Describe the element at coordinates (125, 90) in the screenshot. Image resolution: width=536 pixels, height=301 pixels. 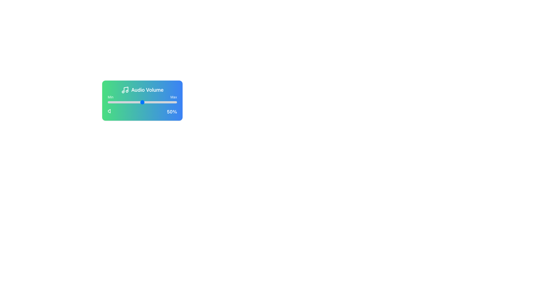
I see `the audio volume icon, which is the first element at the top of the card, aligned with the text 'Audio Volume'` at that location.